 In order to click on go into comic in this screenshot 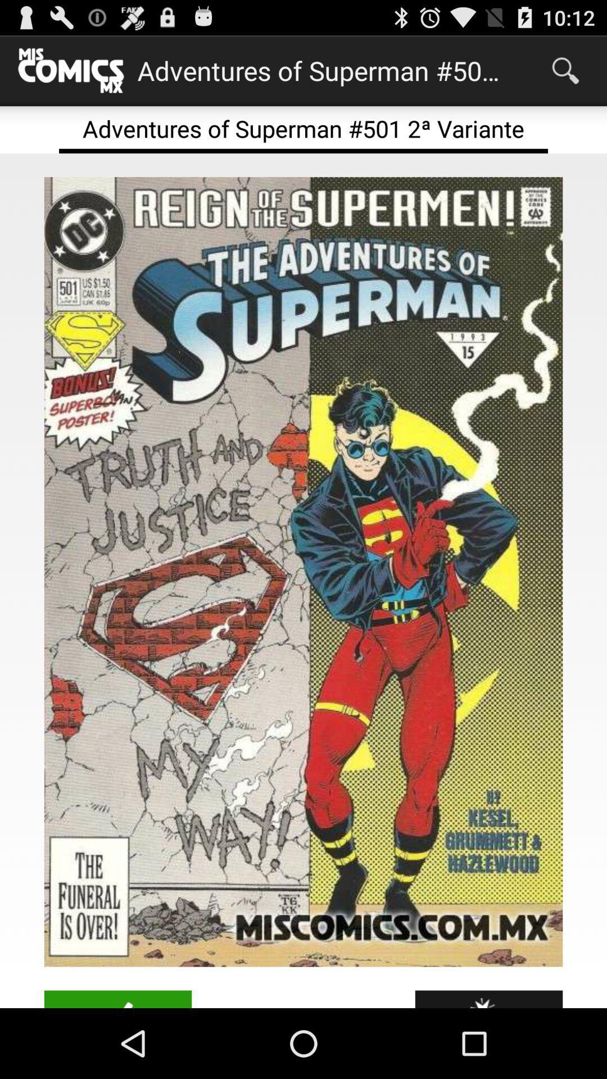, I will do `click(303, 572)`.